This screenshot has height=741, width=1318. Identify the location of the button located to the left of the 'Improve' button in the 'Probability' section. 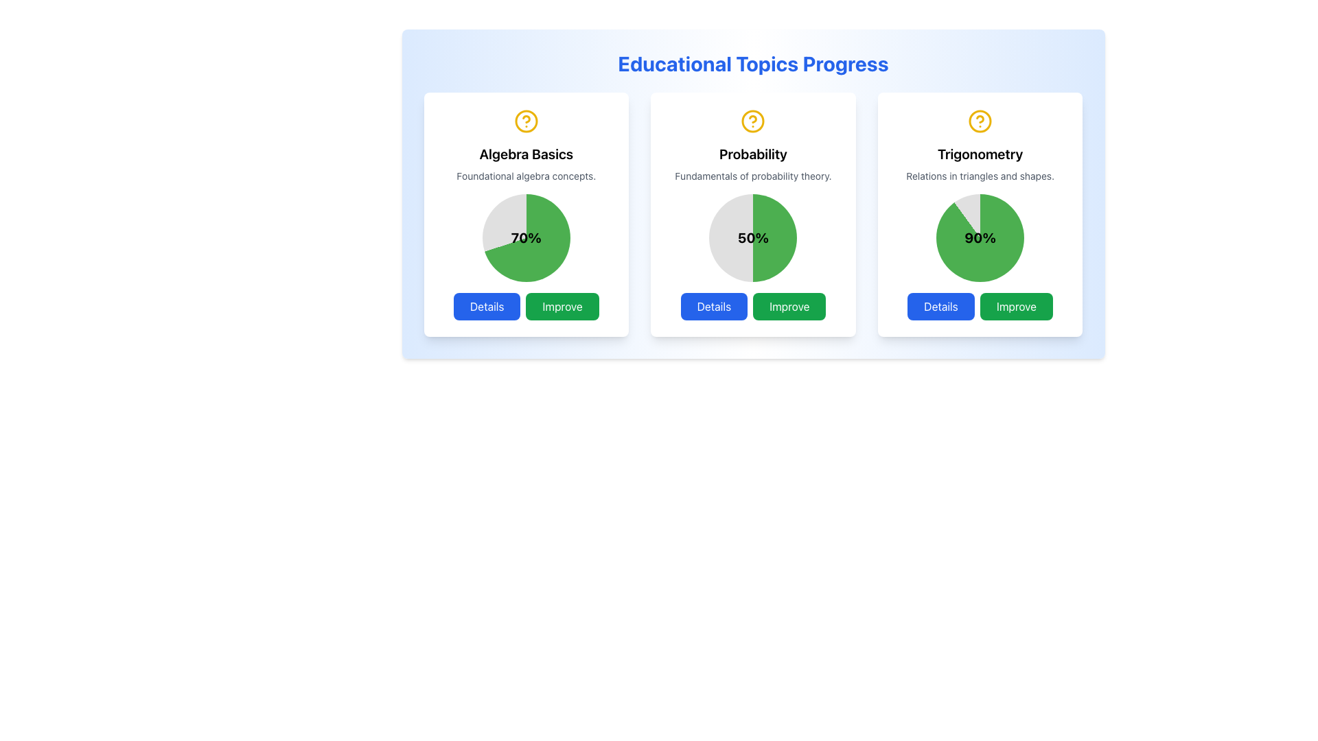
(714, 306).